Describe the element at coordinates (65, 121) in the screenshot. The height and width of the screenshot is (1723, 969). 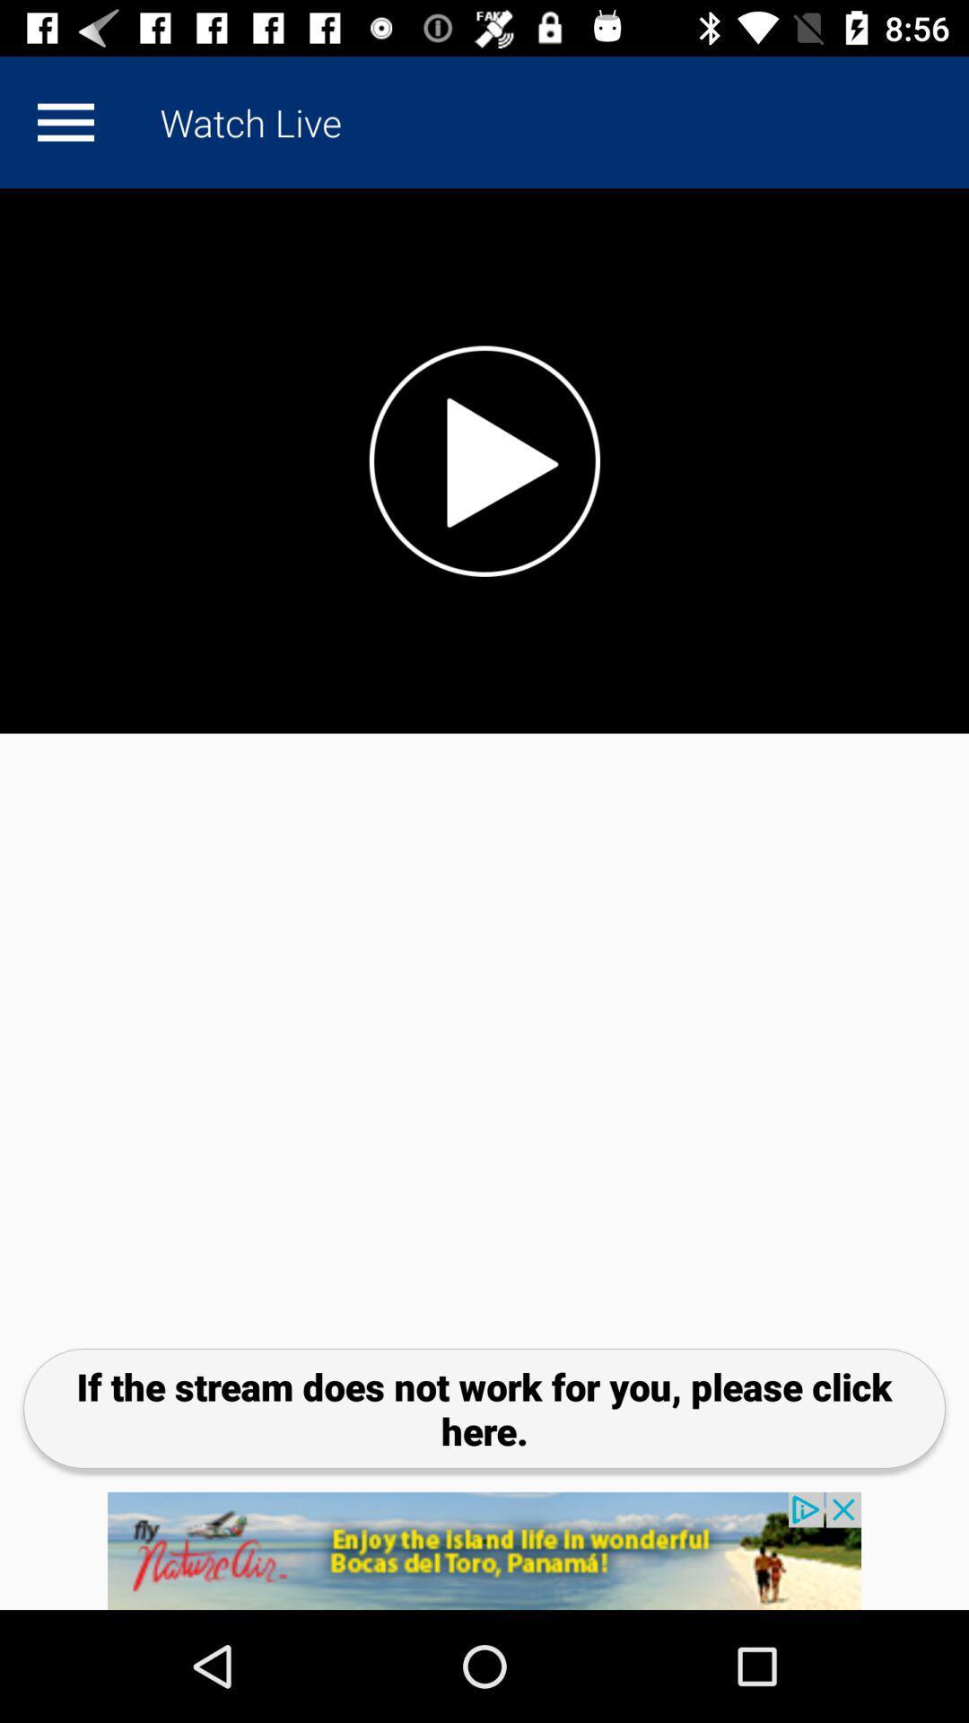
I see `custum` at that location.